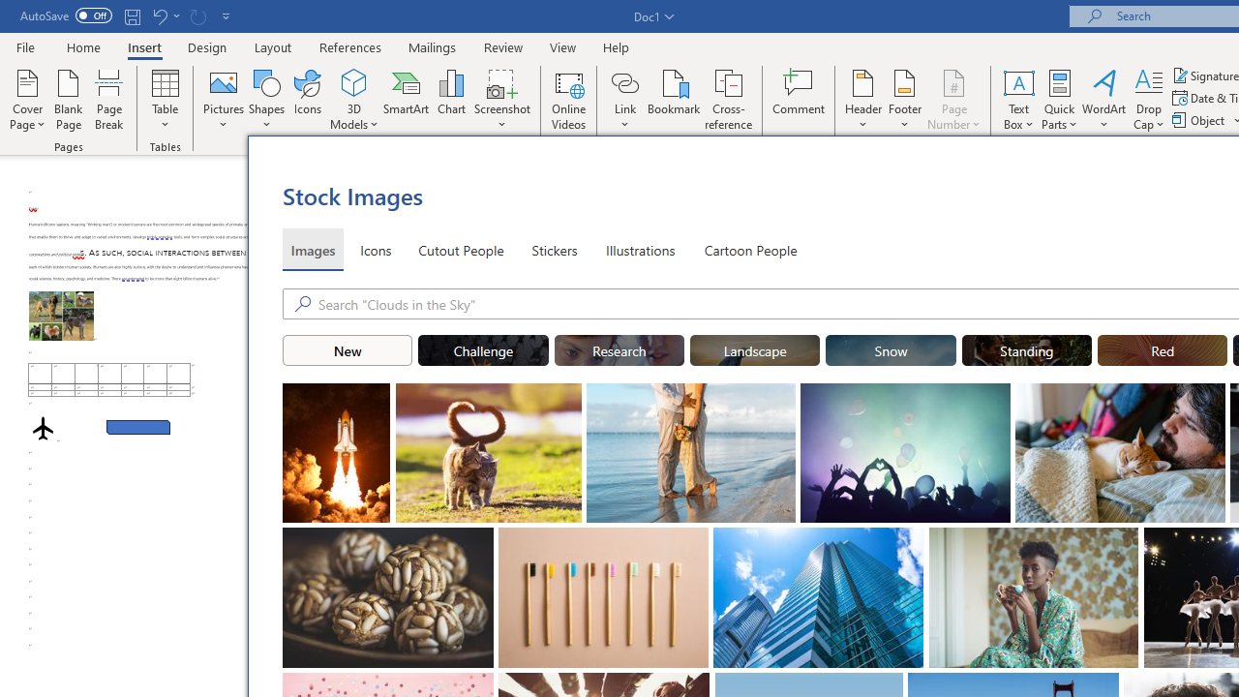 Image resolution: width=1239 pixels, height=697 pixels. What do you see at coordinates (313, 249) in the screenshot?
I see `'Images'` at bounding box center [313, 249].